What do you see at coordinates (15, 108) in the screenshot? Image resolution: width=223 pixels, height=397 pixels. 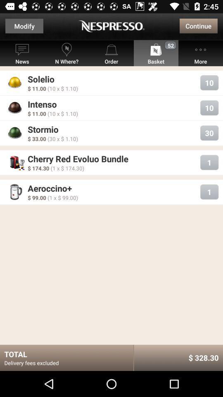 I see `the icon which is beside intenso` at bounding box center [15, 108].